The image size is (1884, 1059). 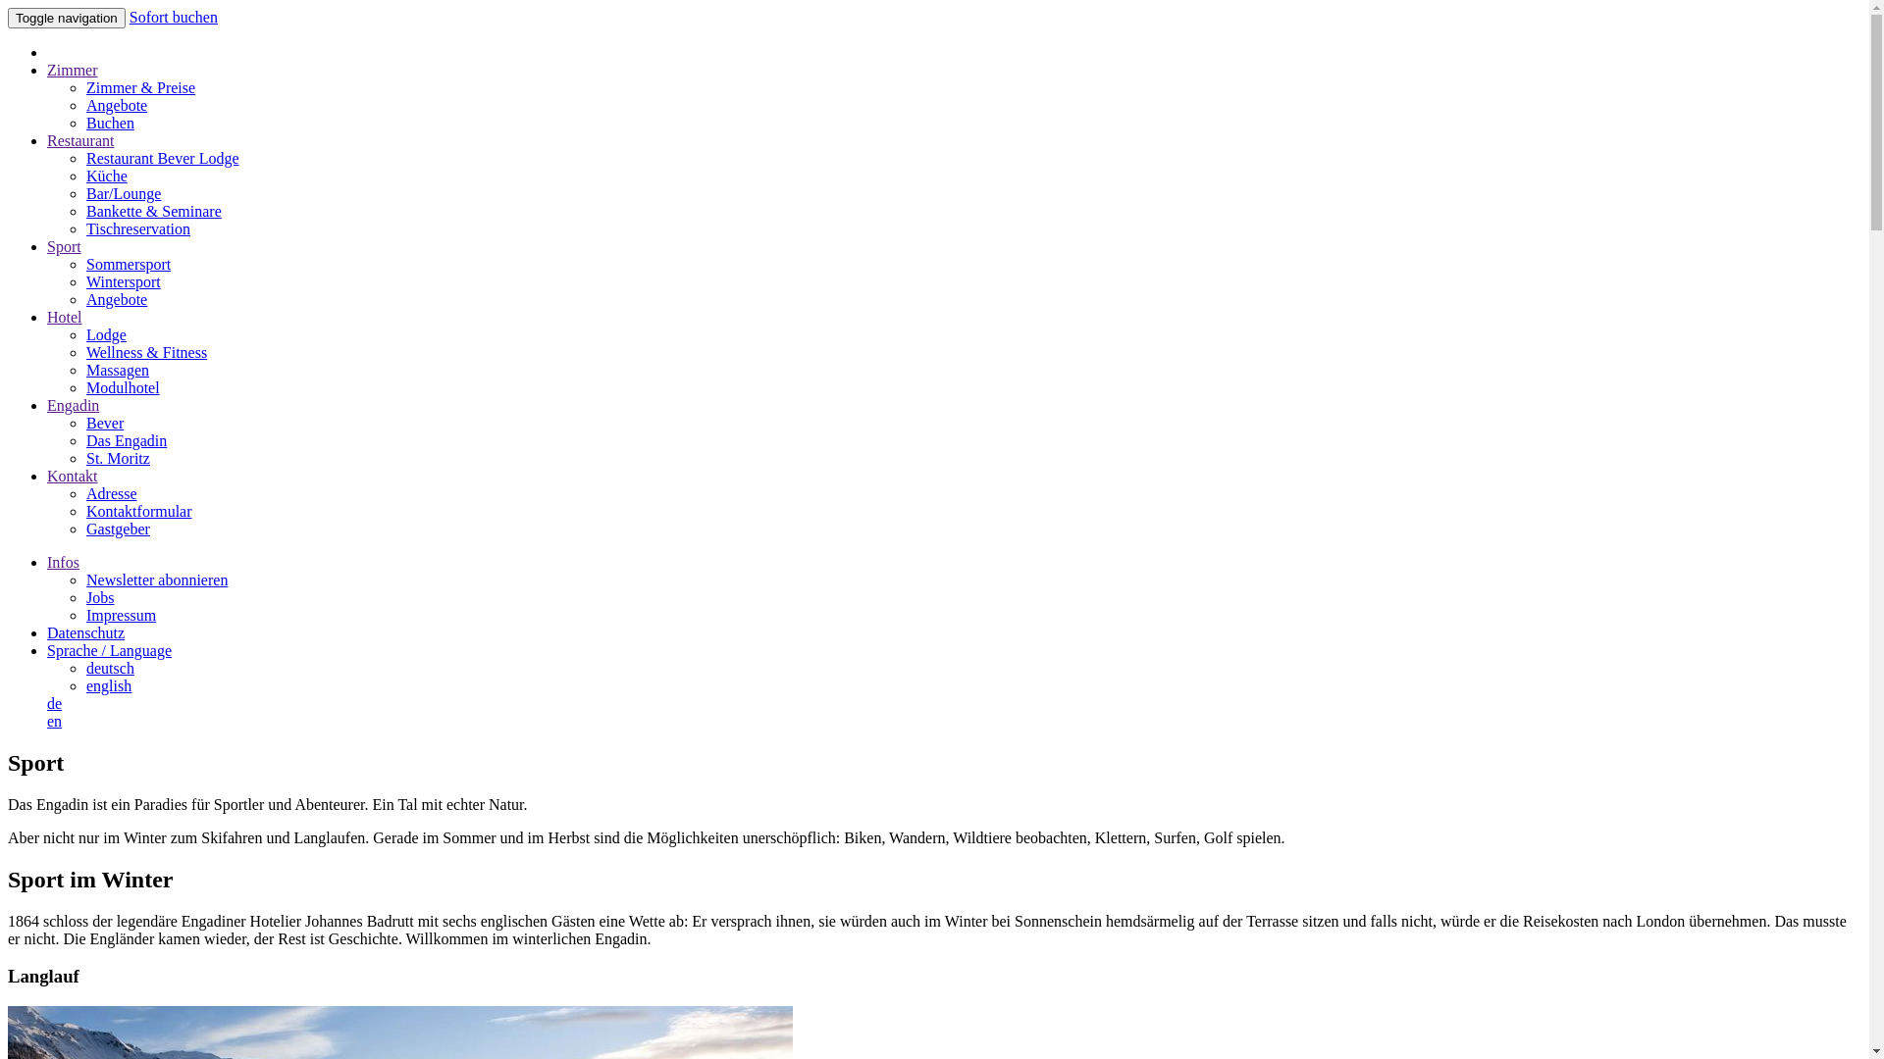 I want to click on 'Sommersport', so click(x=127, y=263).